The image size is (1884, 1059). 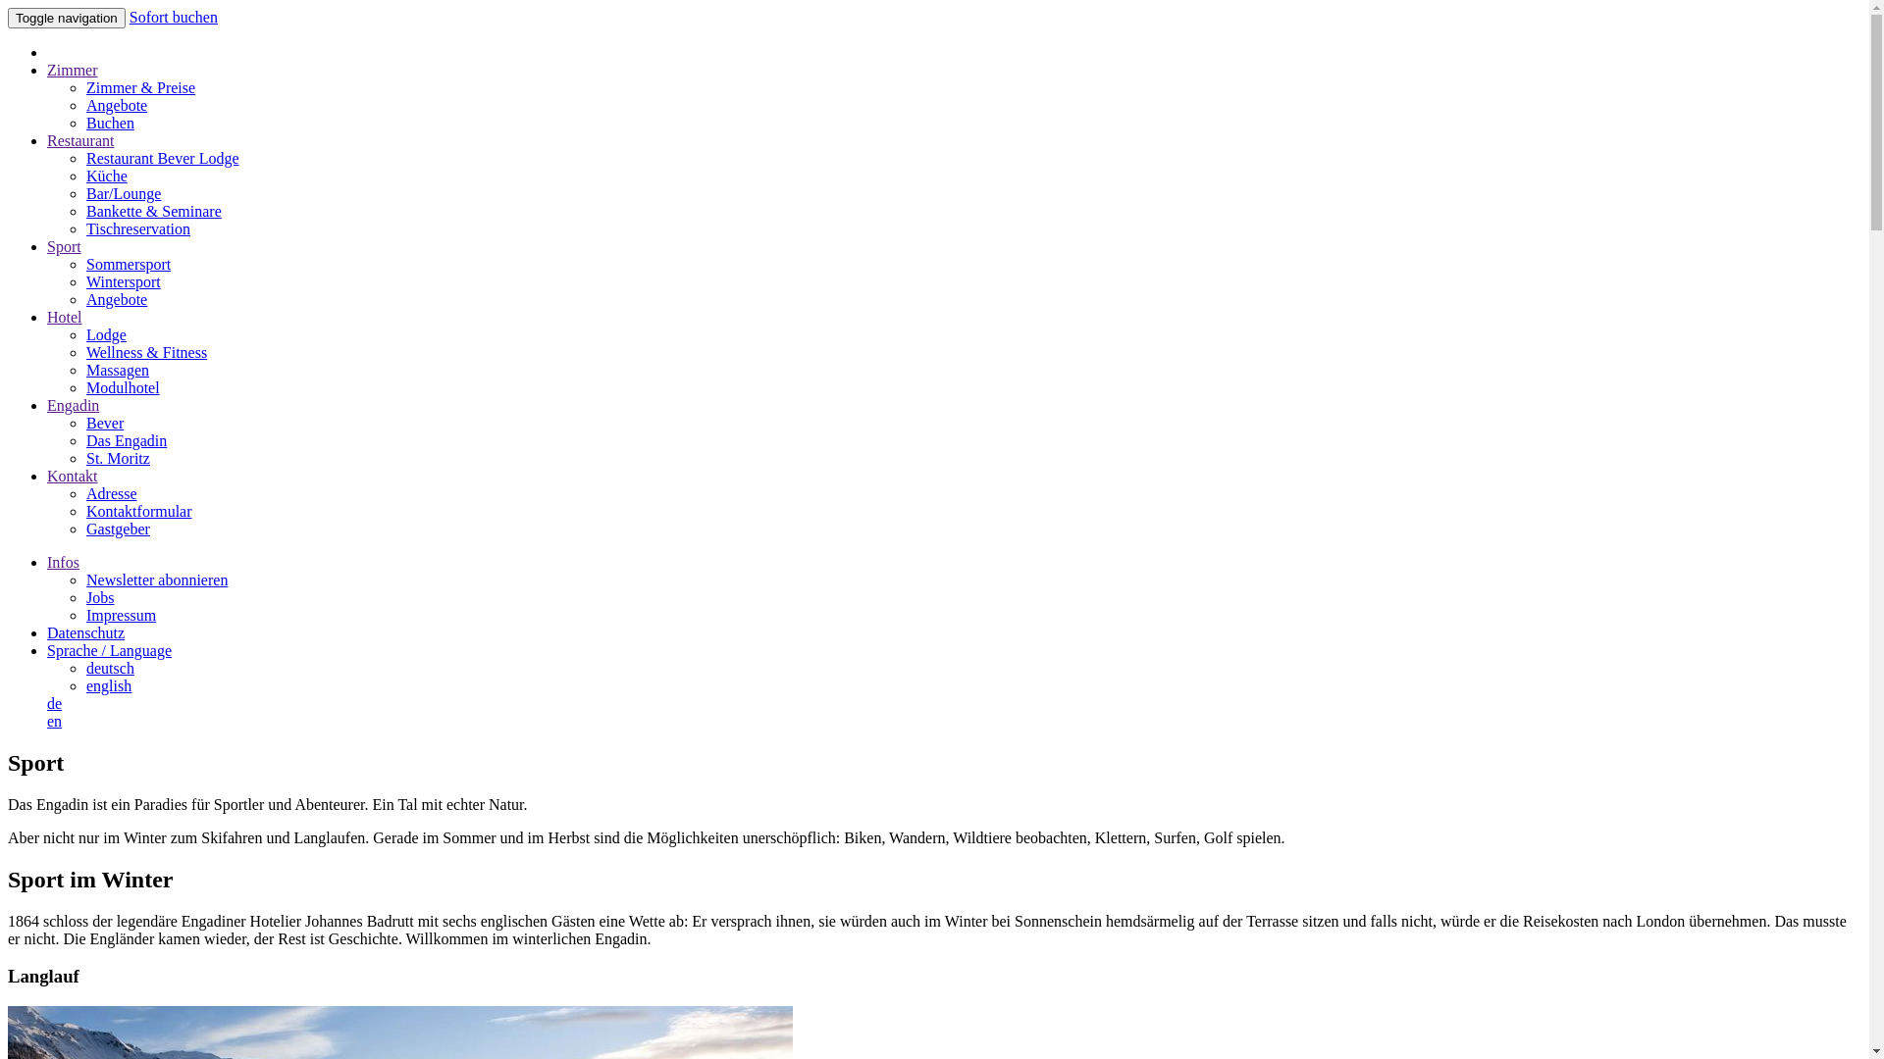 I want to click on 'Sommersport', so click(x=127, y=263).